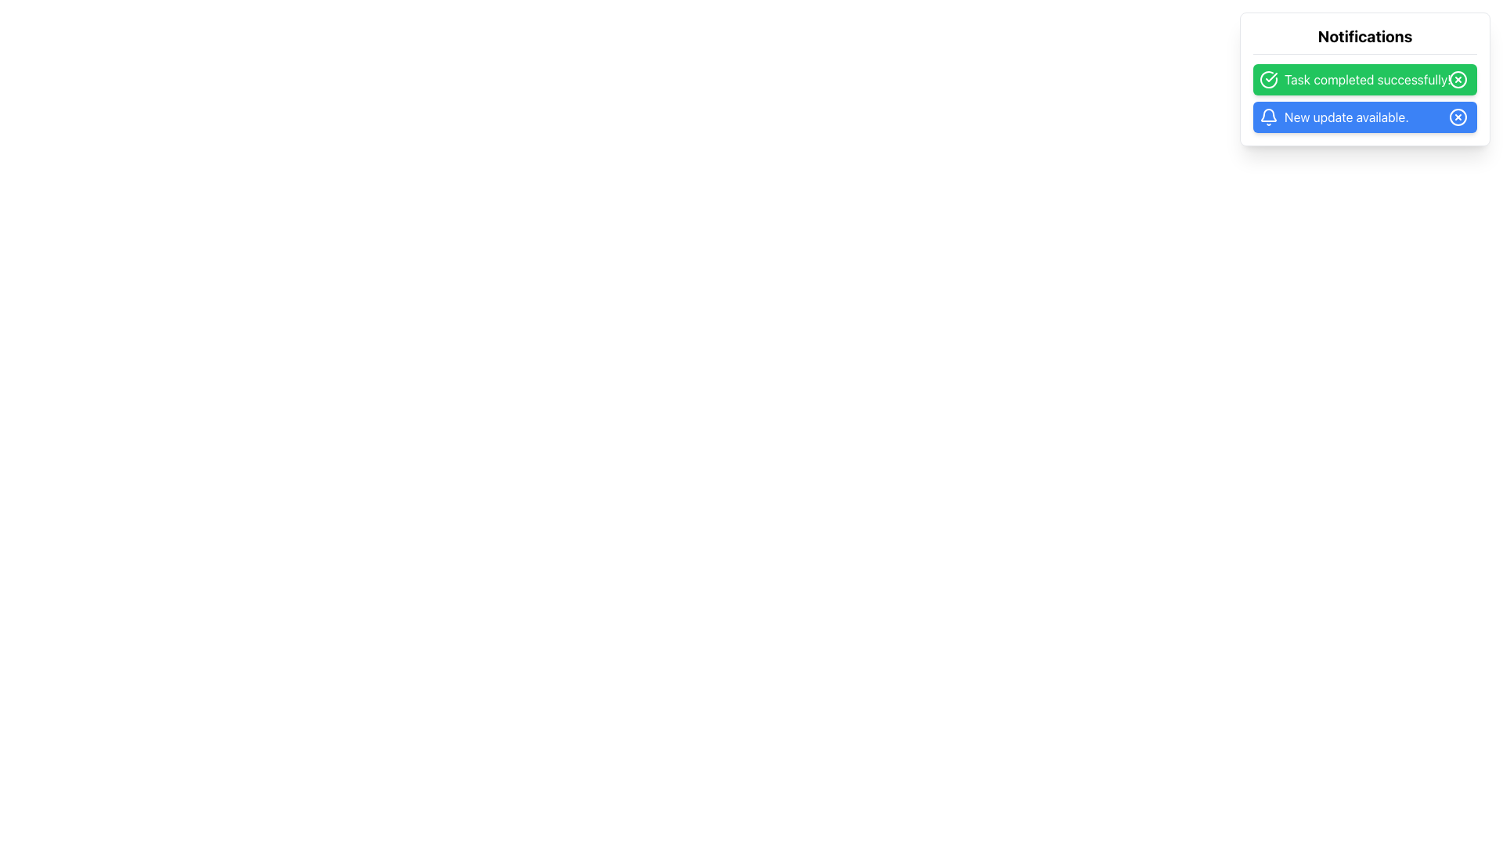 This screenshot has height=845, width=1503. I want to click on the dismiss button located in the upper-right corner of the notification box with the text 'Task completed successfully!' to observe the hover effect, so click(1457, 79).